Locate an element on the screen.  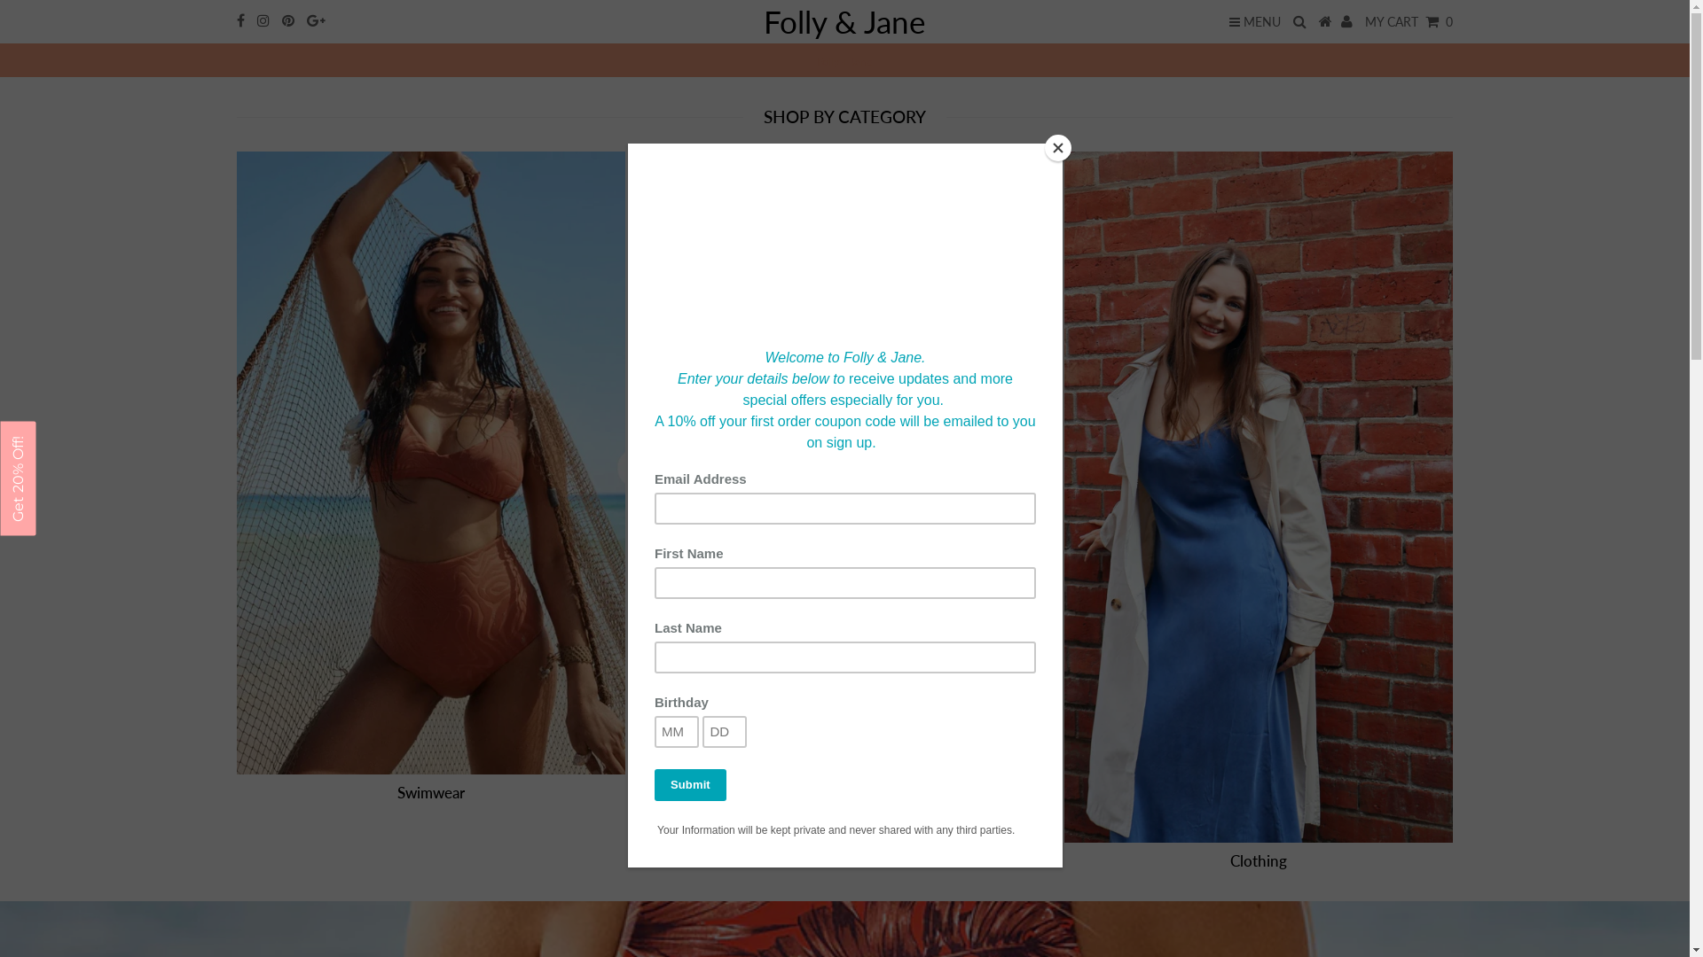
'Folly + Jane' is located at coordinates (843, 60).